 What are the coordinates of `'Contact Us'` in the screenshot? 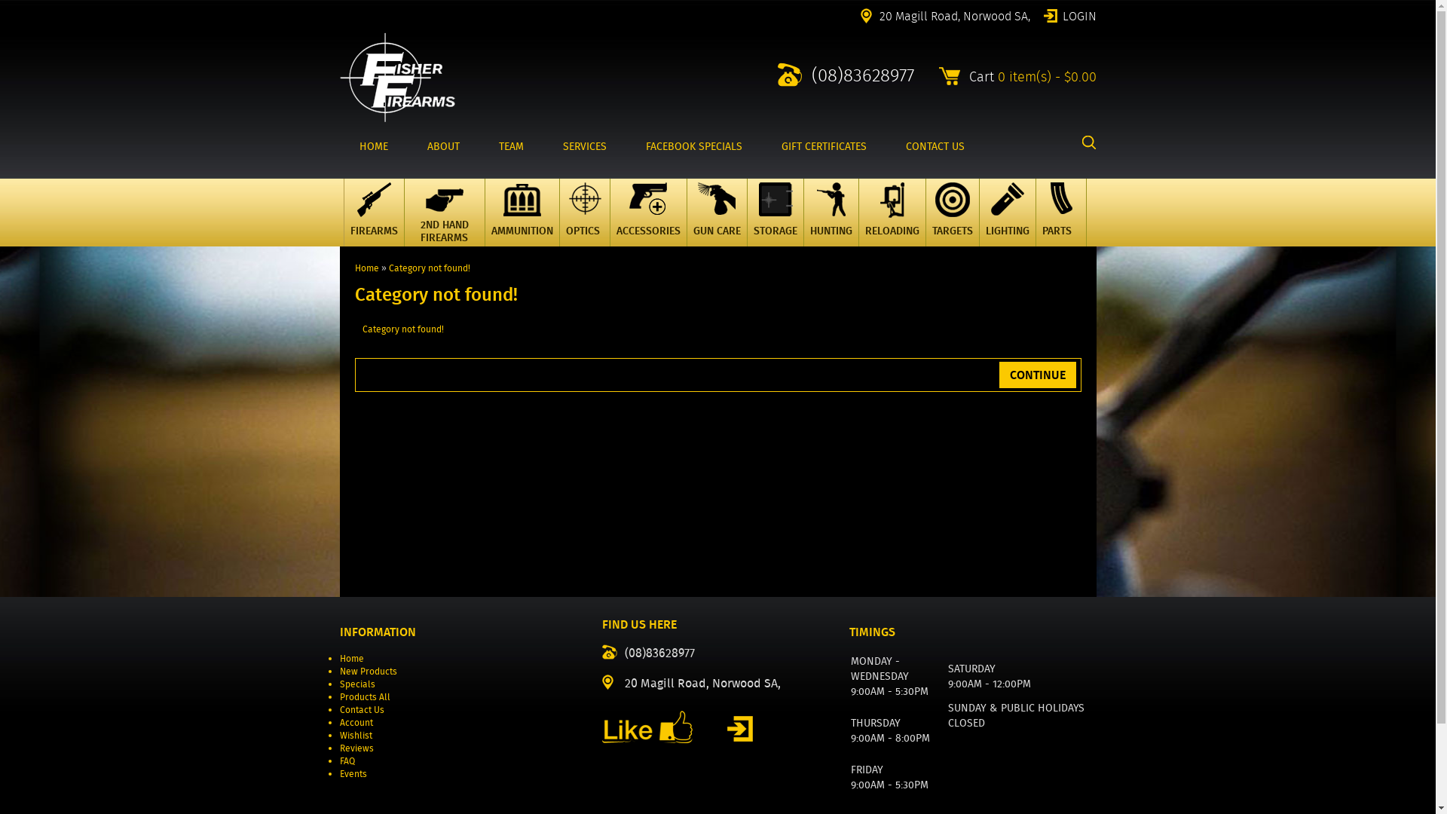 It's located at (338, 709).